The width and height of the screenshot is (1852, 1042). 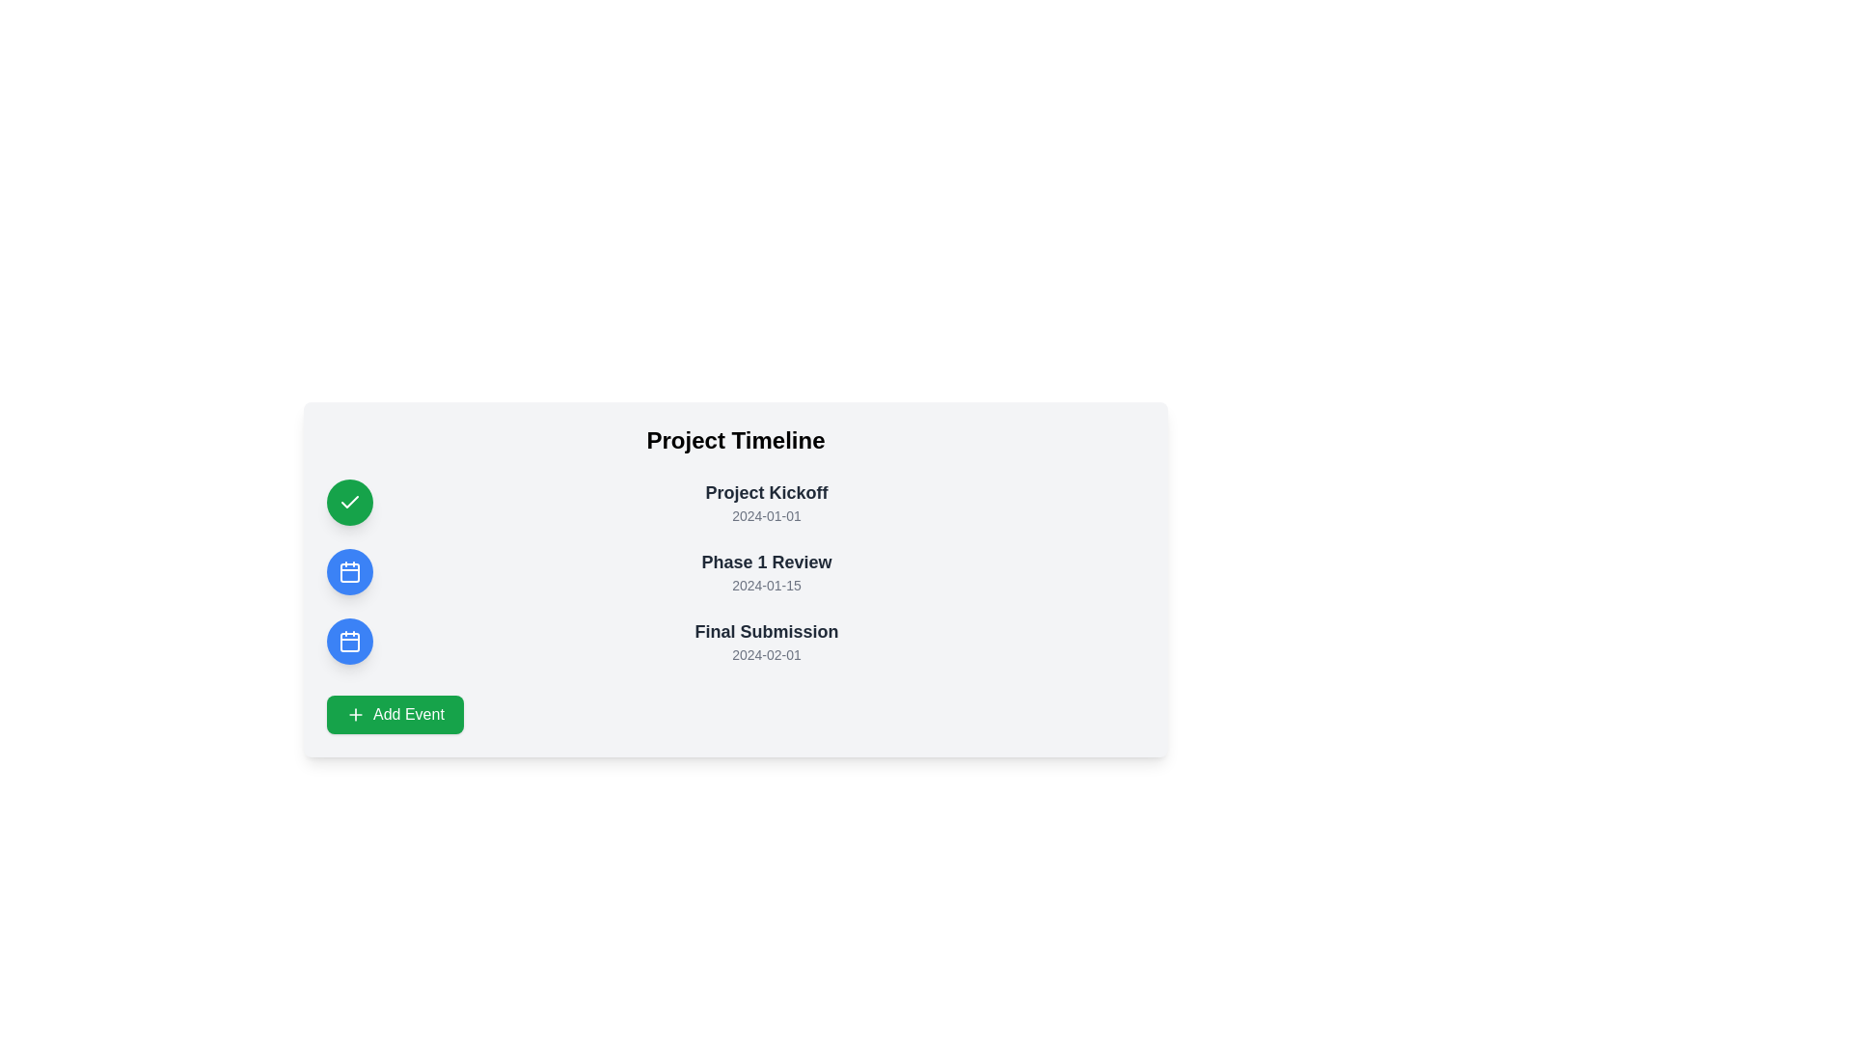 I want to click on the blue circular button with a white calendar icon located at the bottom of a vertically stacked set of three buttons in the 'Final Submission' section, so click(x=350, y=641).